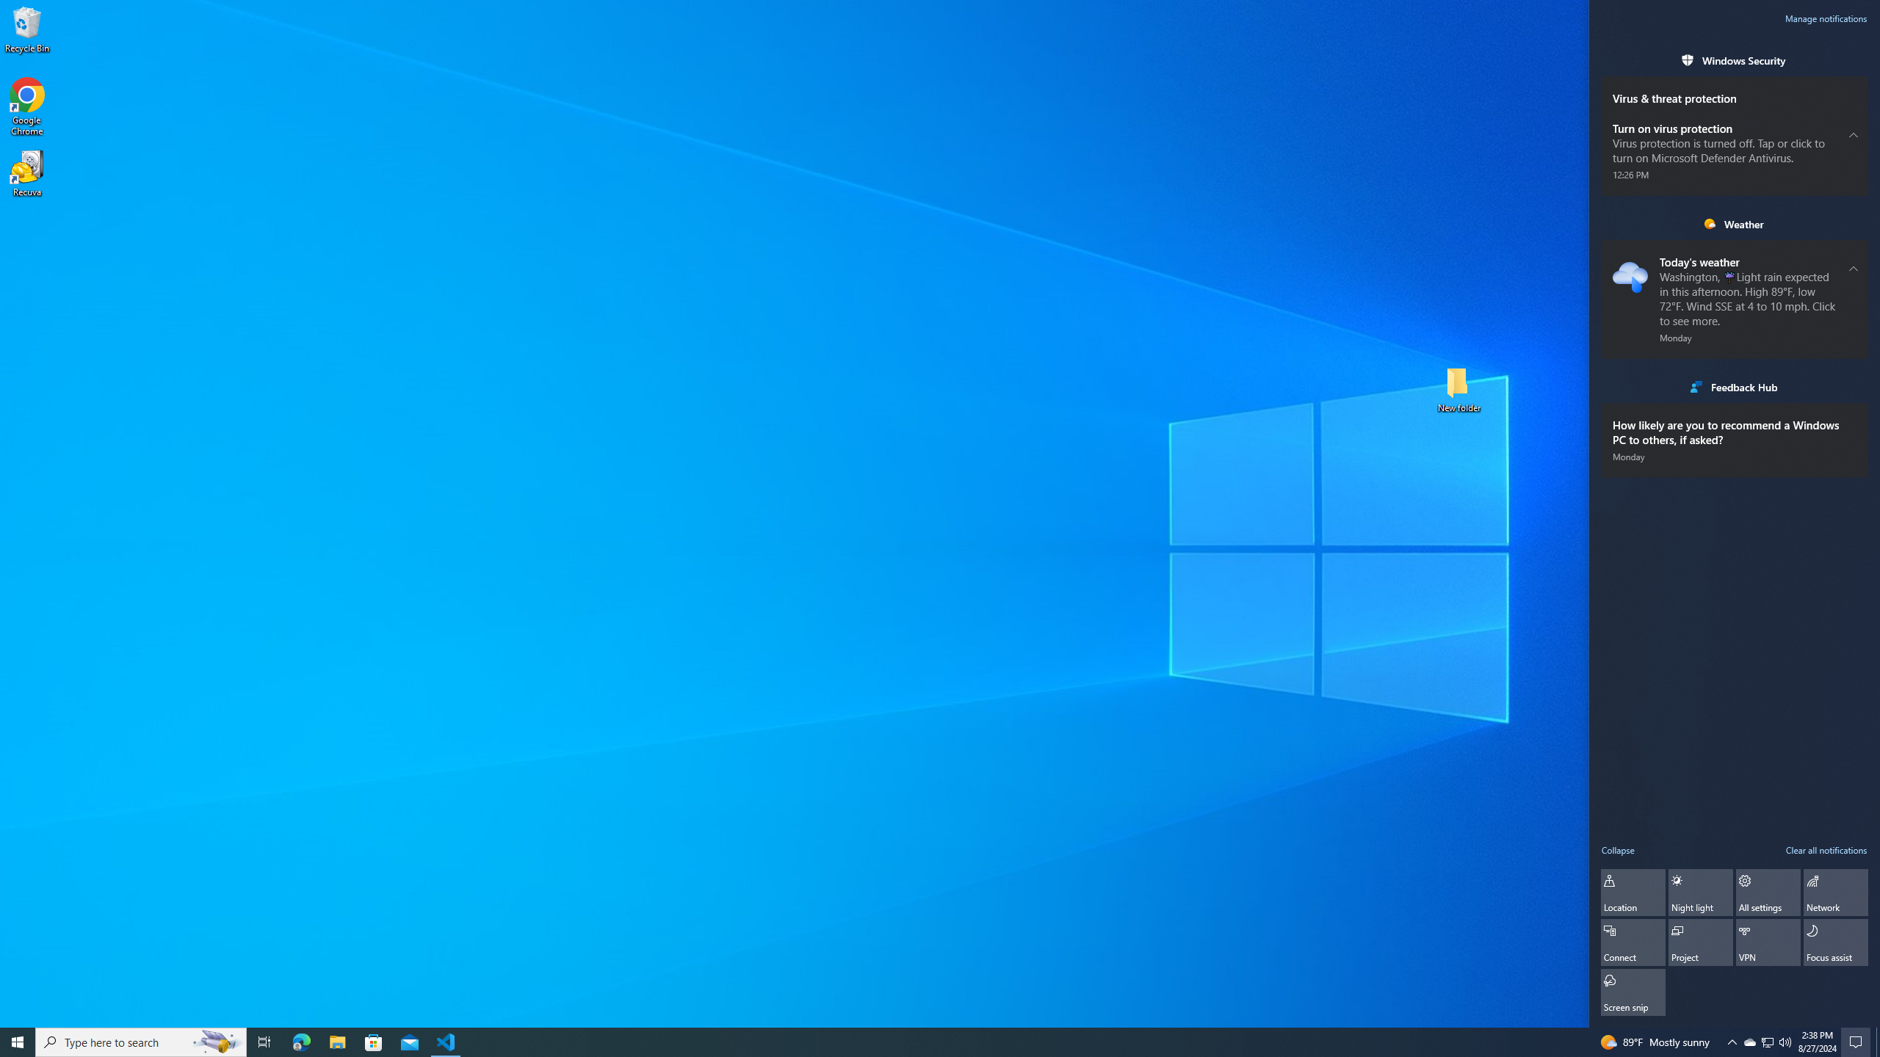 The height and width of the screenshot is (1057, 1880). What do you see at coordinates (18, 1041) in the screenshot?
I see `'Start'` at bounding box center [18, 1041].